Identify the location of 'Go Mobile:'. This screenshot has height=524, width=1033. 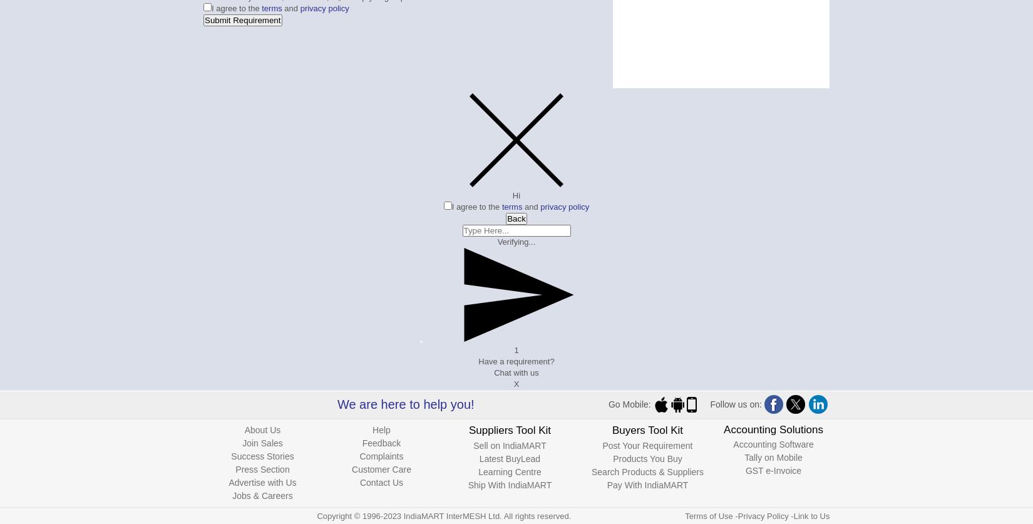
(630, 404).